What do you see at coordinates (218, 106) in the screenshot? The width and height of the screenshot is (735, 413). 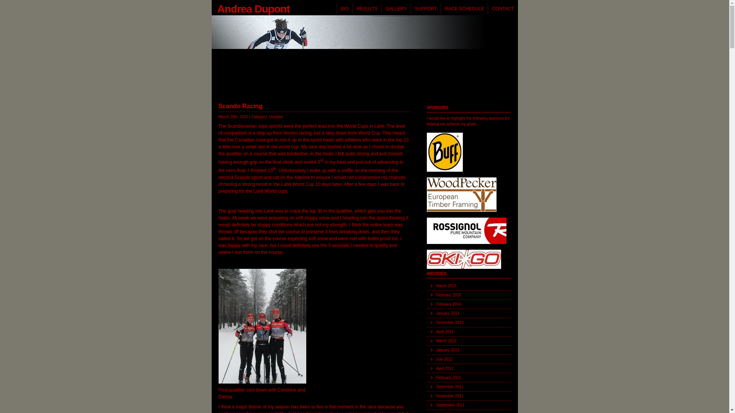 I see `'Scando Racing'` at bounding box center [218, 106].